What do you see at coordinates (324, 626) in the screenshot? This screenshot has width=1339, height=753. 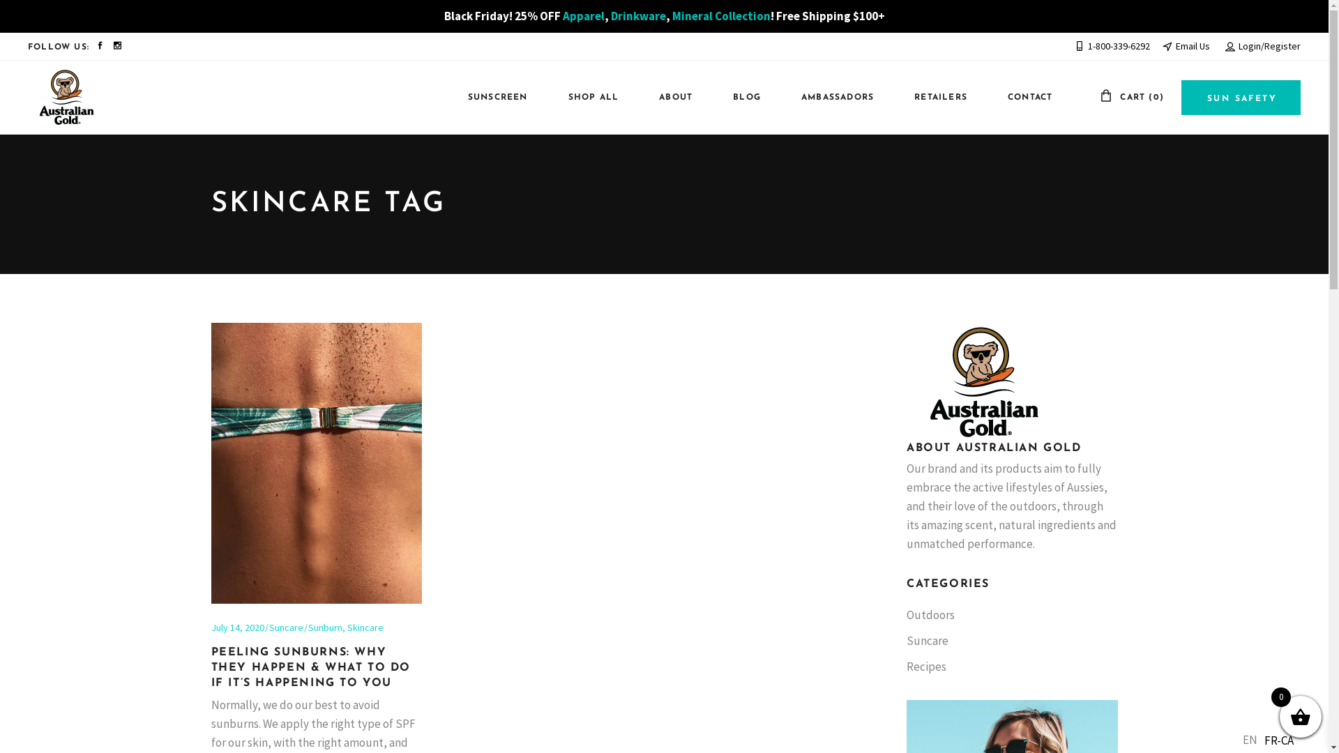 I see `'Sunburn'` at bounding box center [324, 626].